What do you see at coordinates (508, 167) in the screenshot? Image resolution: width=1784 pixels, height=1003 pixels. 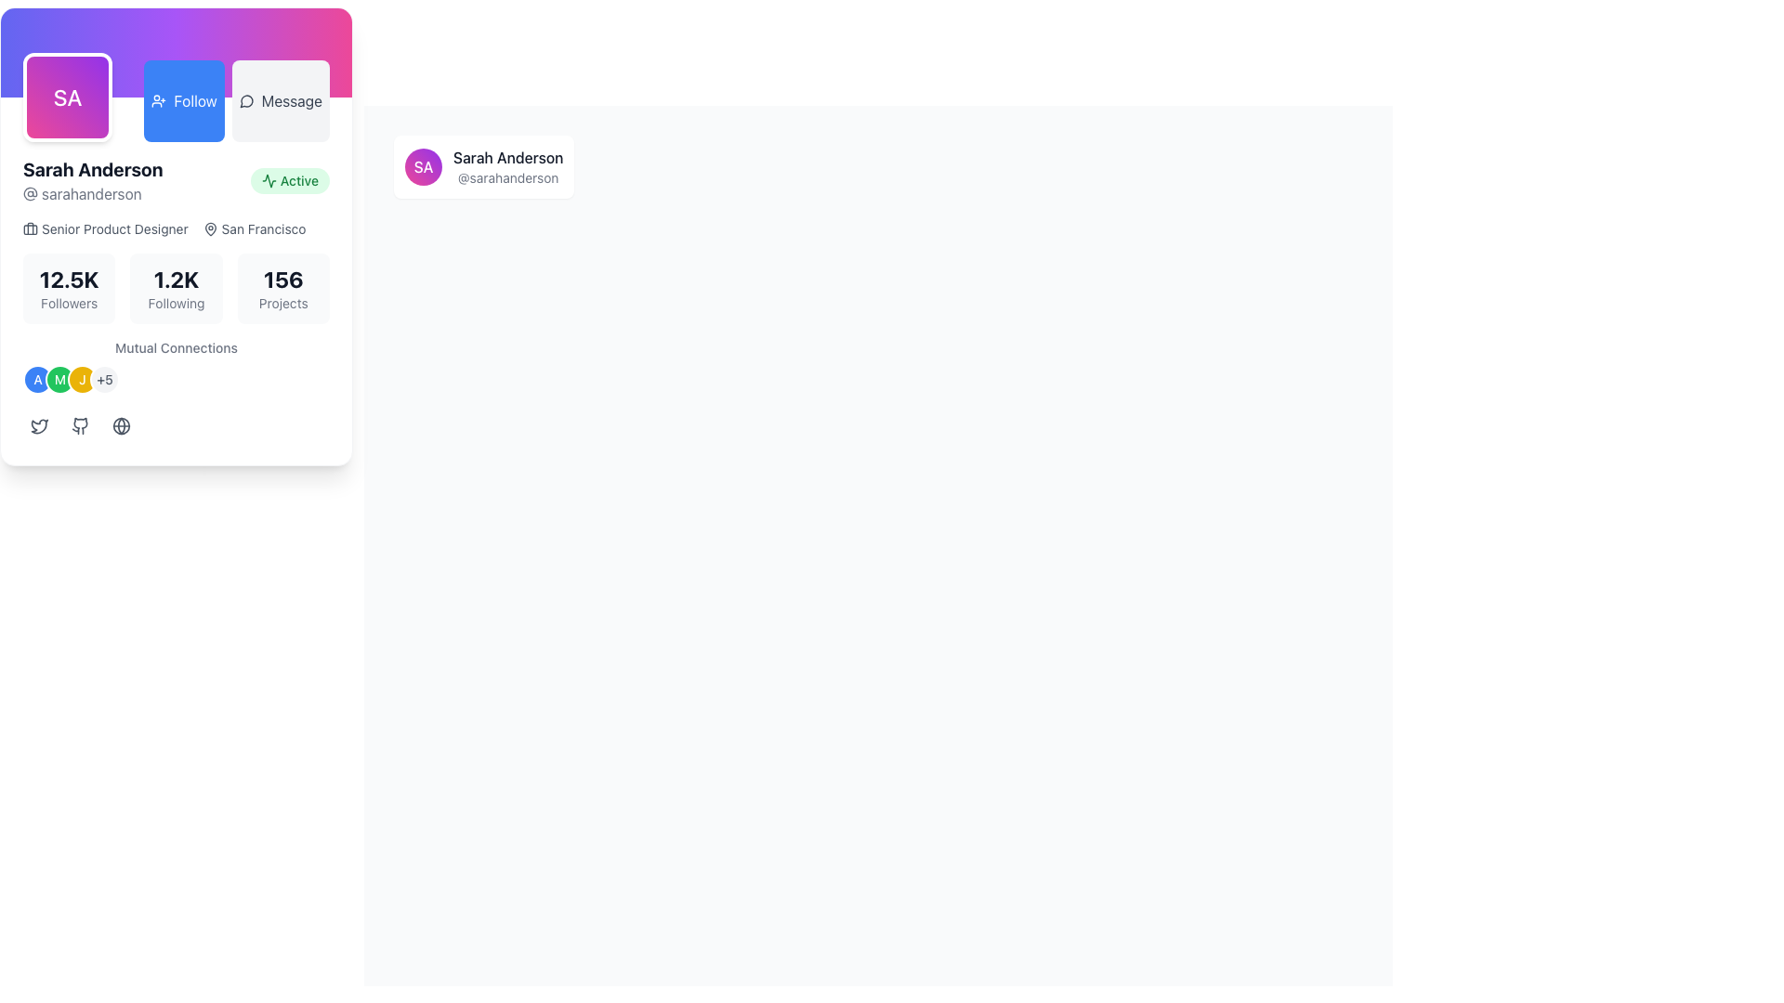 I see `the text display component showing 'Sarah Anderson' and '@sarahanderson' to interact with the card it is contained within, if it is interactive` at bounding box center [508, 167].